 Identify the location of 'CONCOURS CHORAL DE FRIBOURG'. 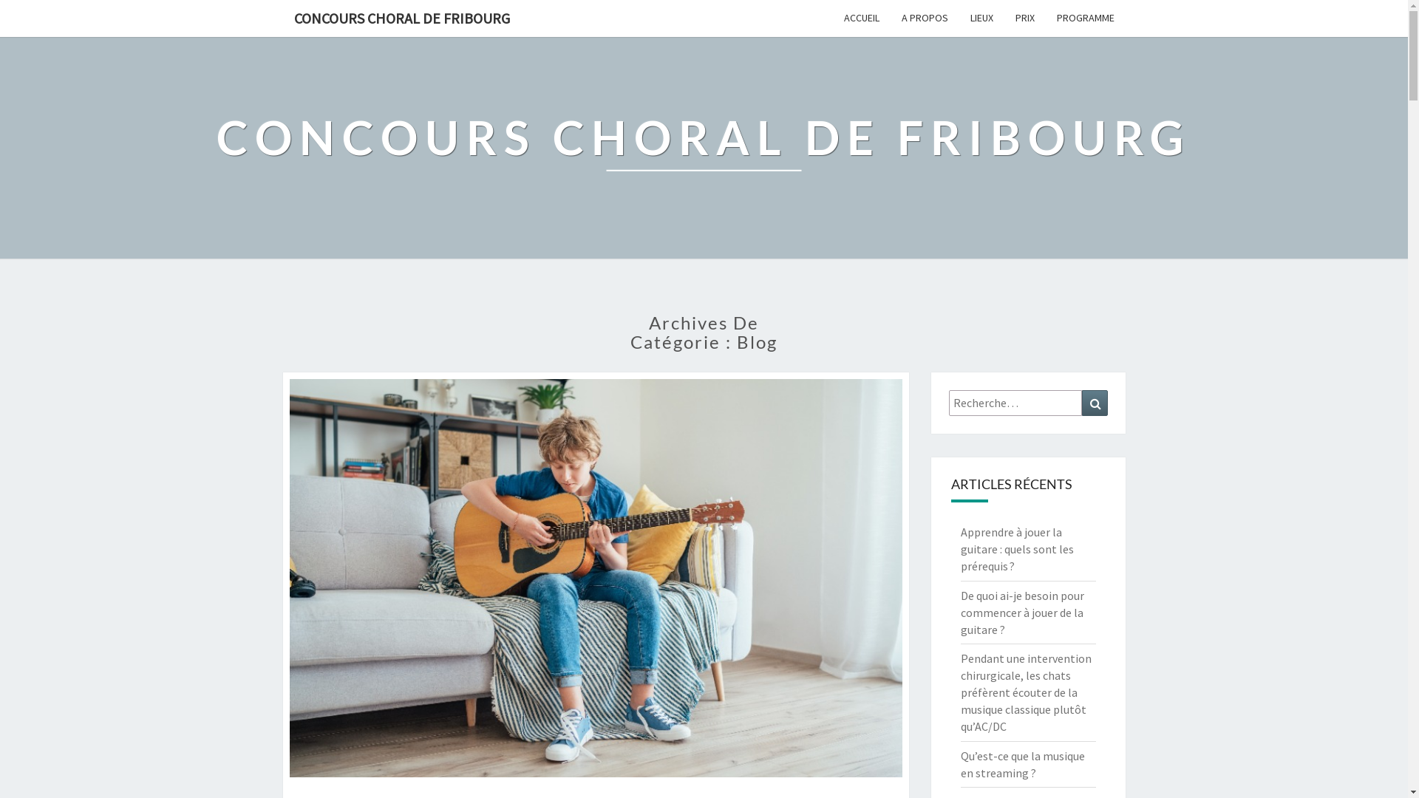
(703, 148).